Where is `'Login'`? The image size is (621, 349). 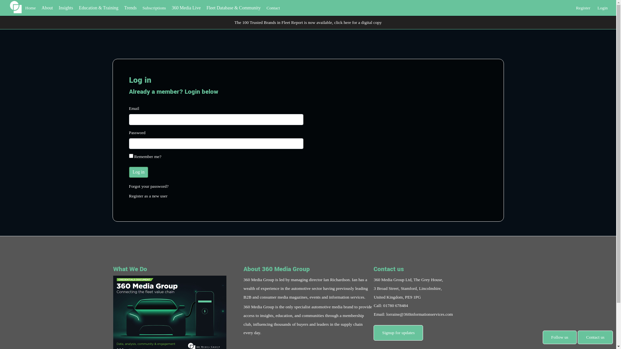
'Login' is located at coordinates (602, 6).